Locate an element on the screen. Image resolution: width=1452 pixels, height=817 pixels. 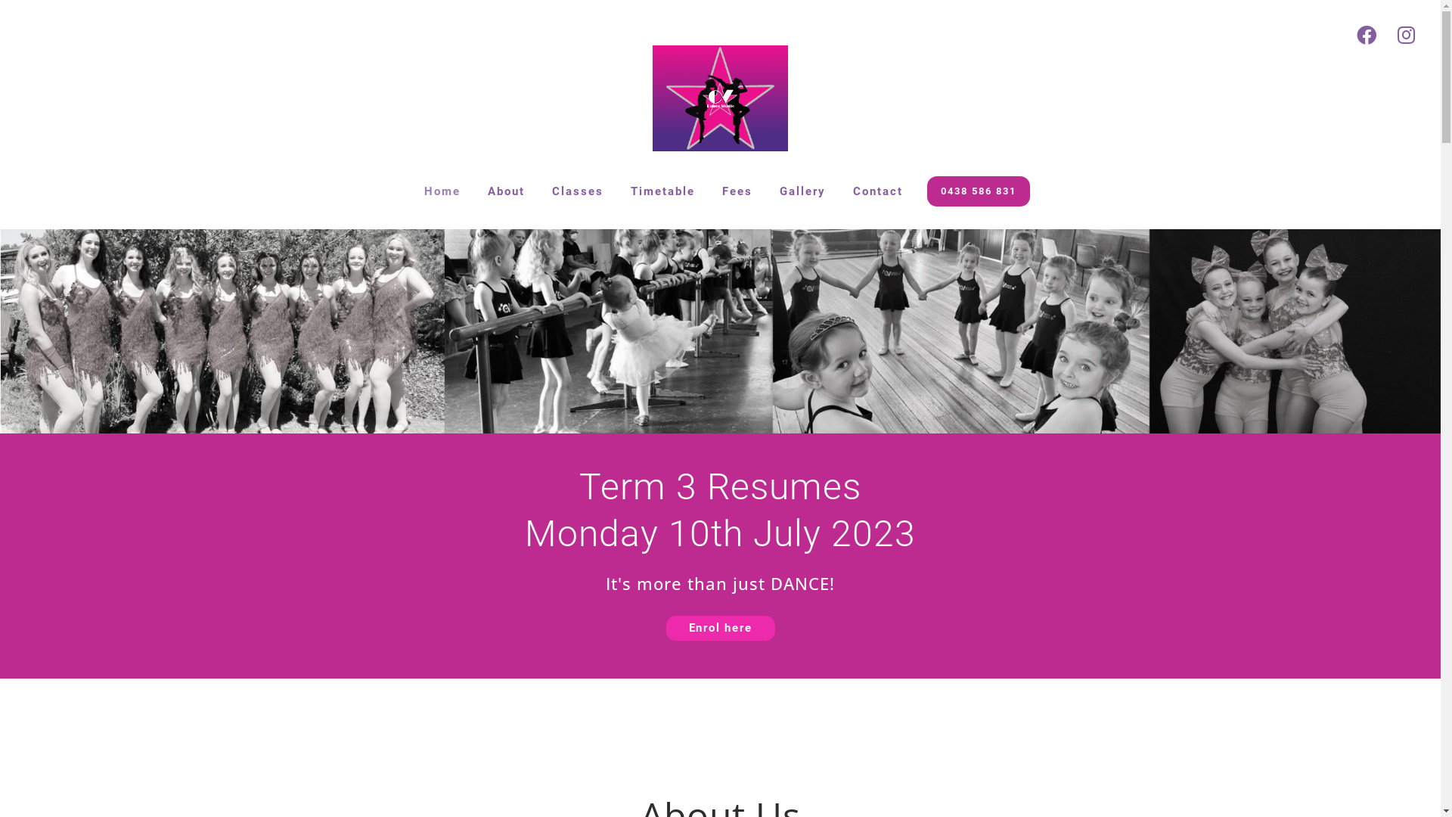
'Gallery' is located at coordinates (802, 191).